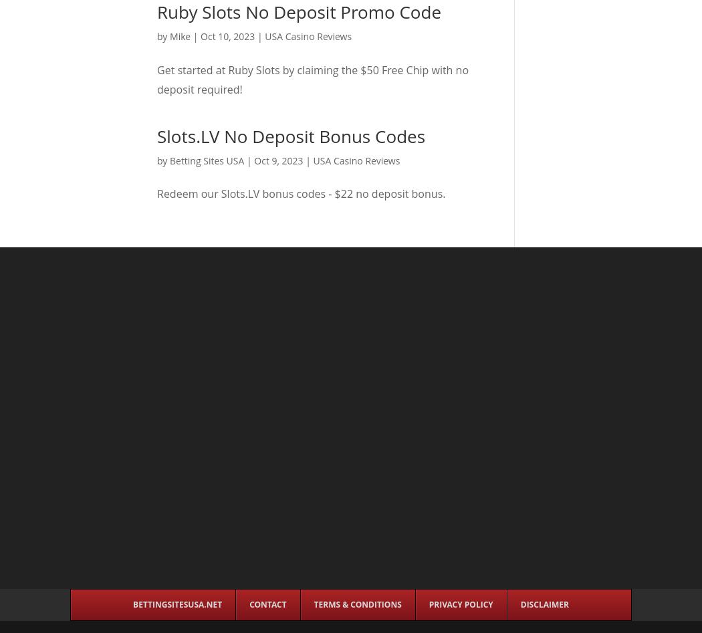 The height and width of the screenshot is (633, 702). I want to click on 'Oct 9, 2023', so click(277, 160).